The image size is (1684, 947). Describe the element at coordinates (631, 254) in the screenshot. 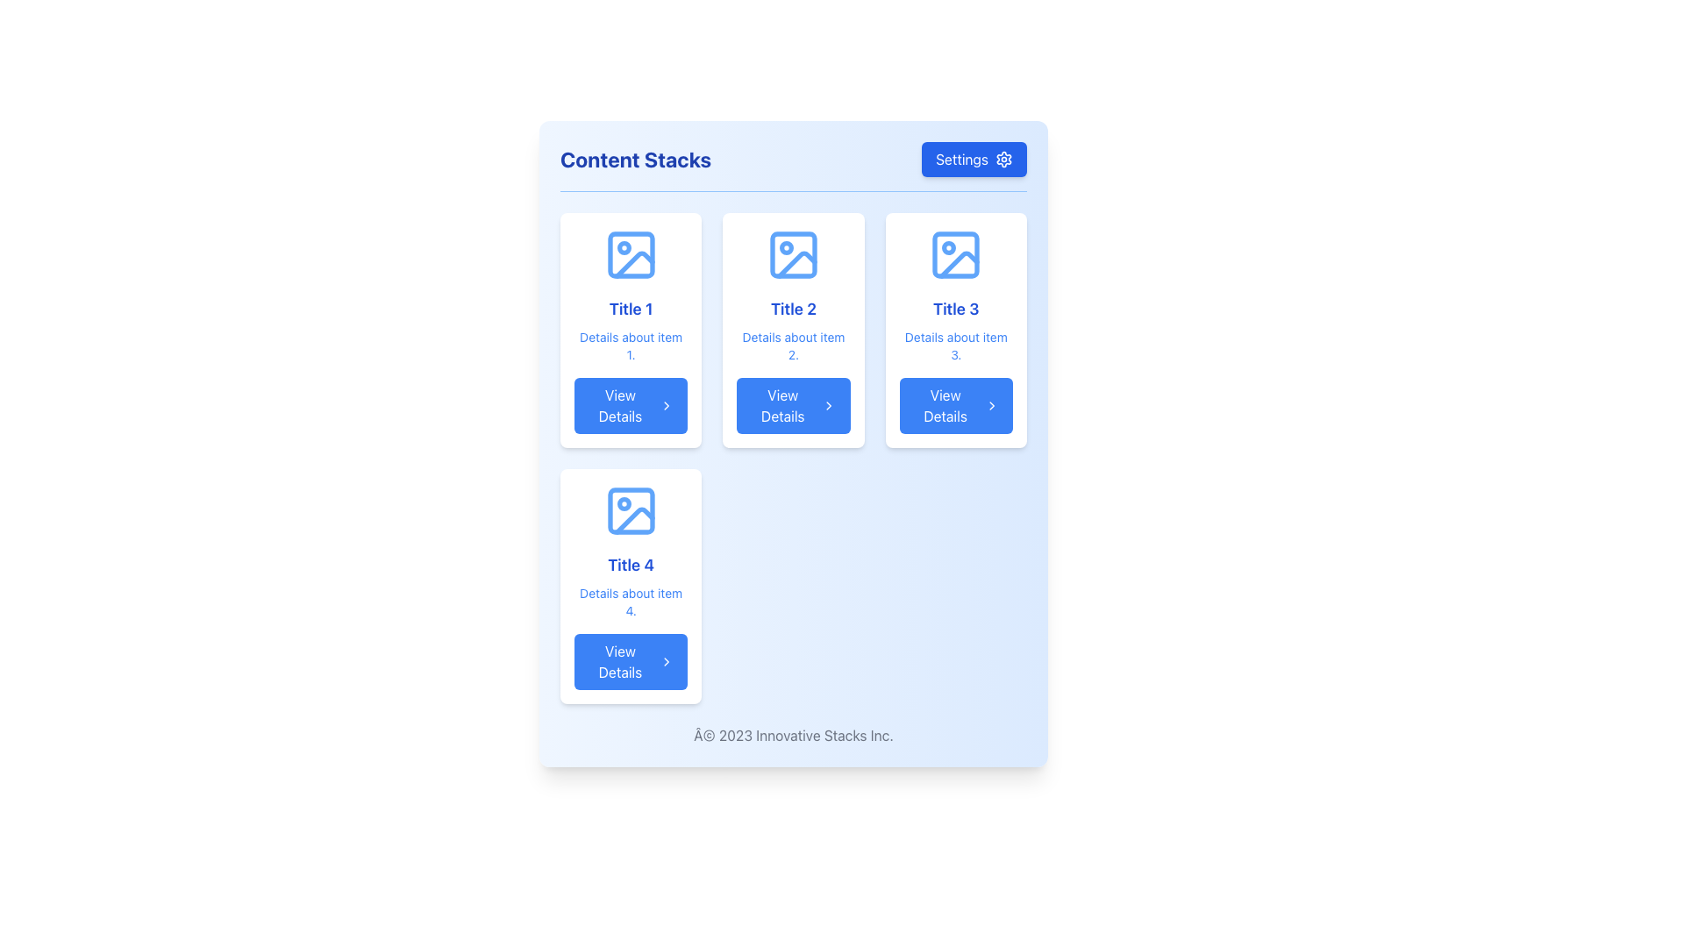

I see `the decorative Image icon representing the content of the card labeled 'Title 1', which is located at the top of the card above the text and the 'View Details' button` at that location.